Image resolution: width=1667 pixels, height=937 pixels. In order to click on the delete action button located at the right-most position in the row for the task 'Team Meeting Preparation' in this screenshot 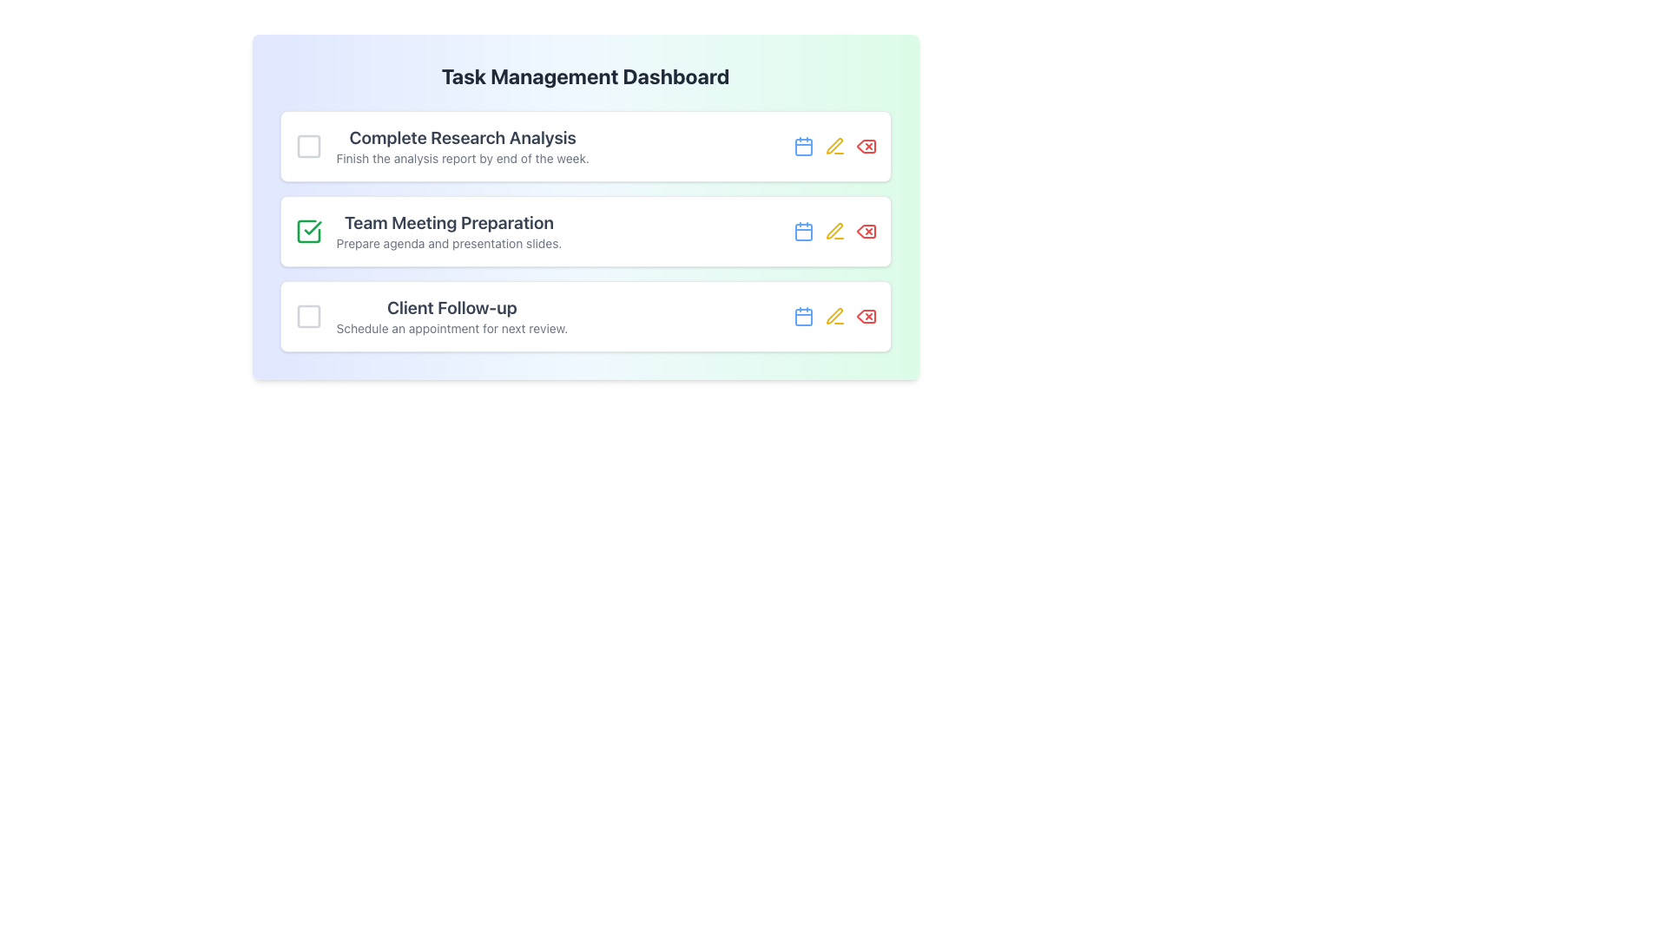, I will do `click(866, 230)`.